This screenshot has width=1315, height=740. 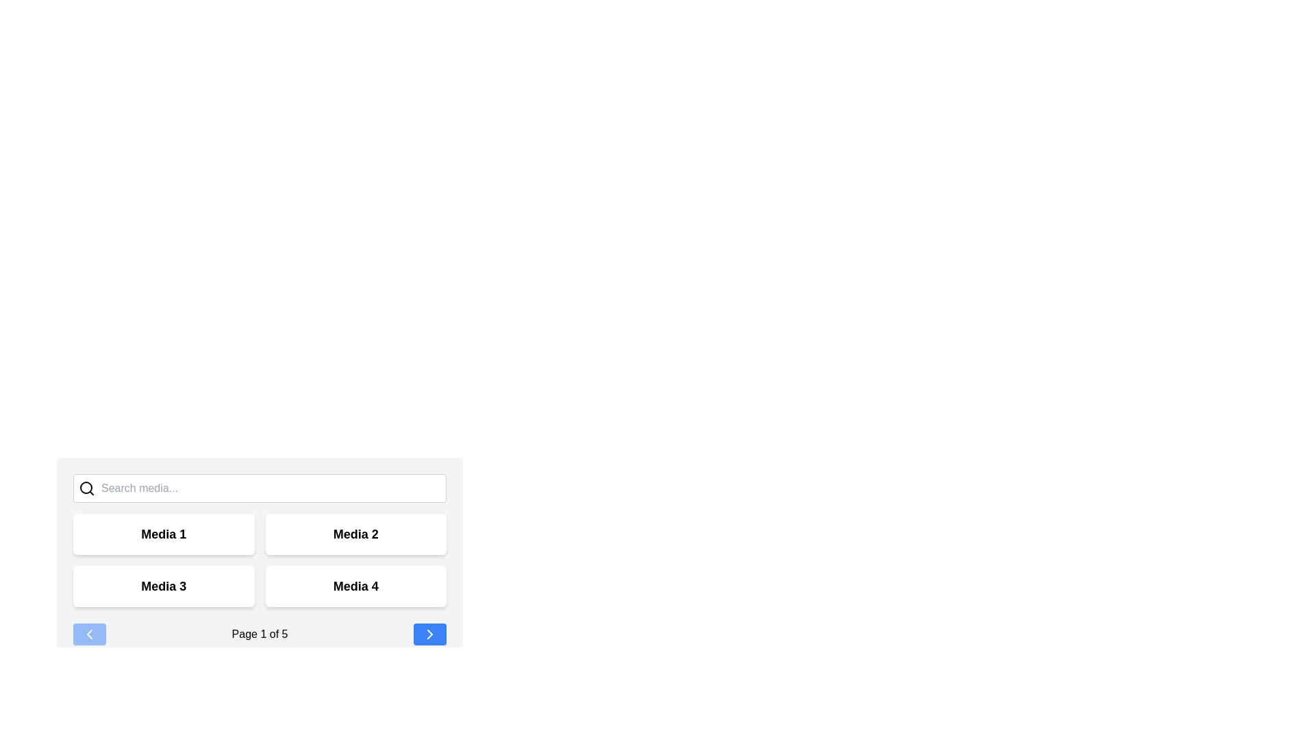 What do you see at coordinates (260, 634) in the screenshot?
I see `the text label displaying 'Page 1 of 5', which is centered at the bottom of the navigation panel` at bounding box center [260, 634].